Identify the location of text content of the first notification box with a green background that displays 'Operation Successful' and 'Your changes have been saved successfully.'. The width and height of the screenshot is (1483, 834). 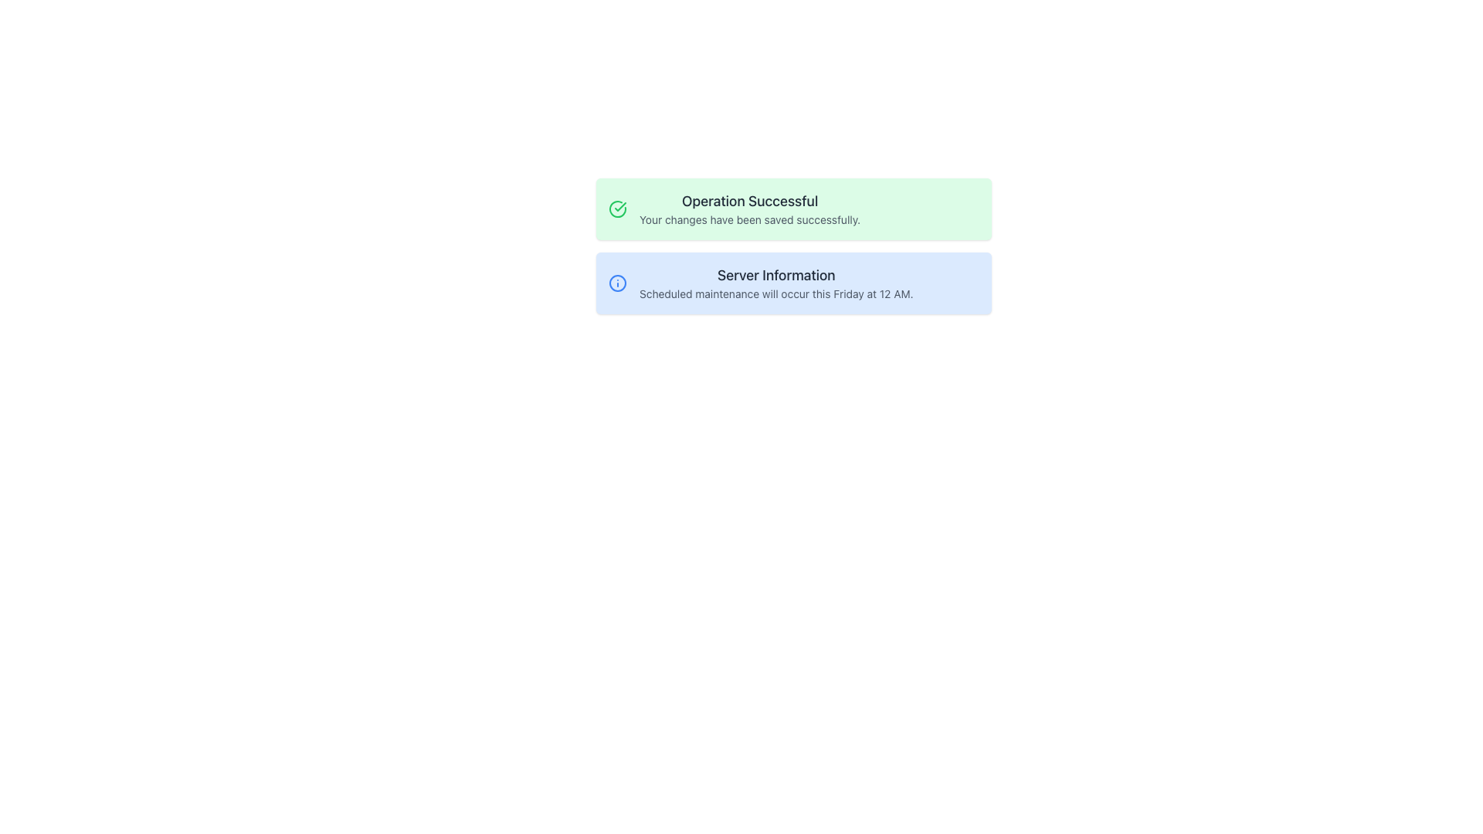
(793, 208).